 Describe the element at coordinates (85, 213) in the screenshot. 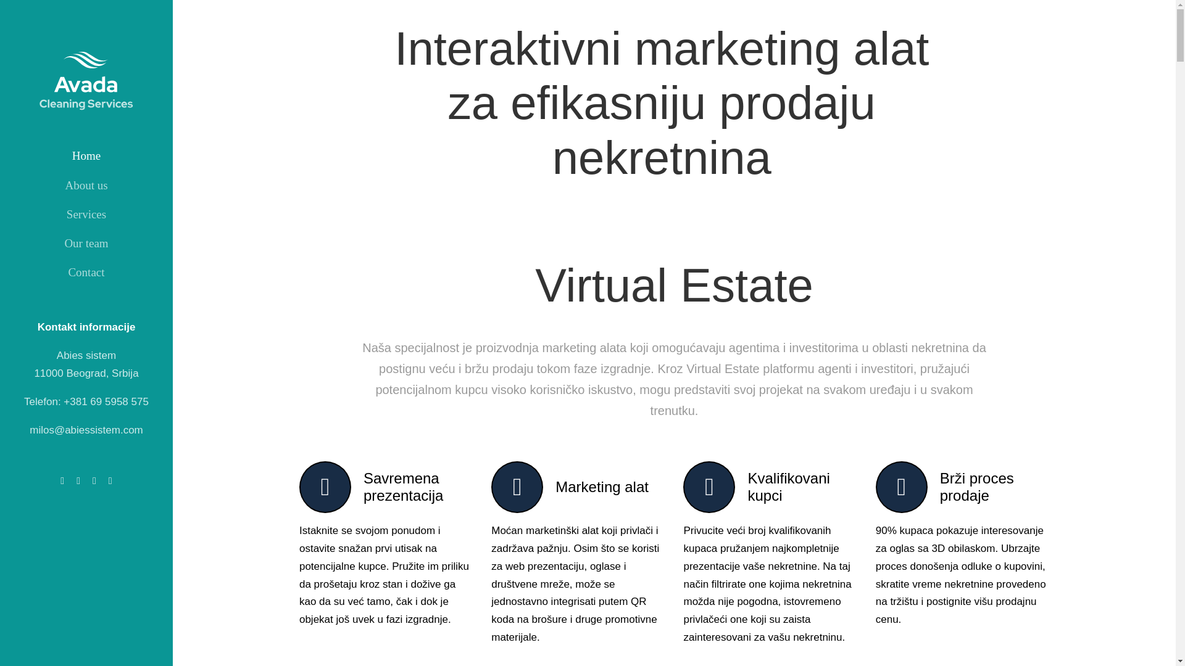

I see `'Services'` at that location.